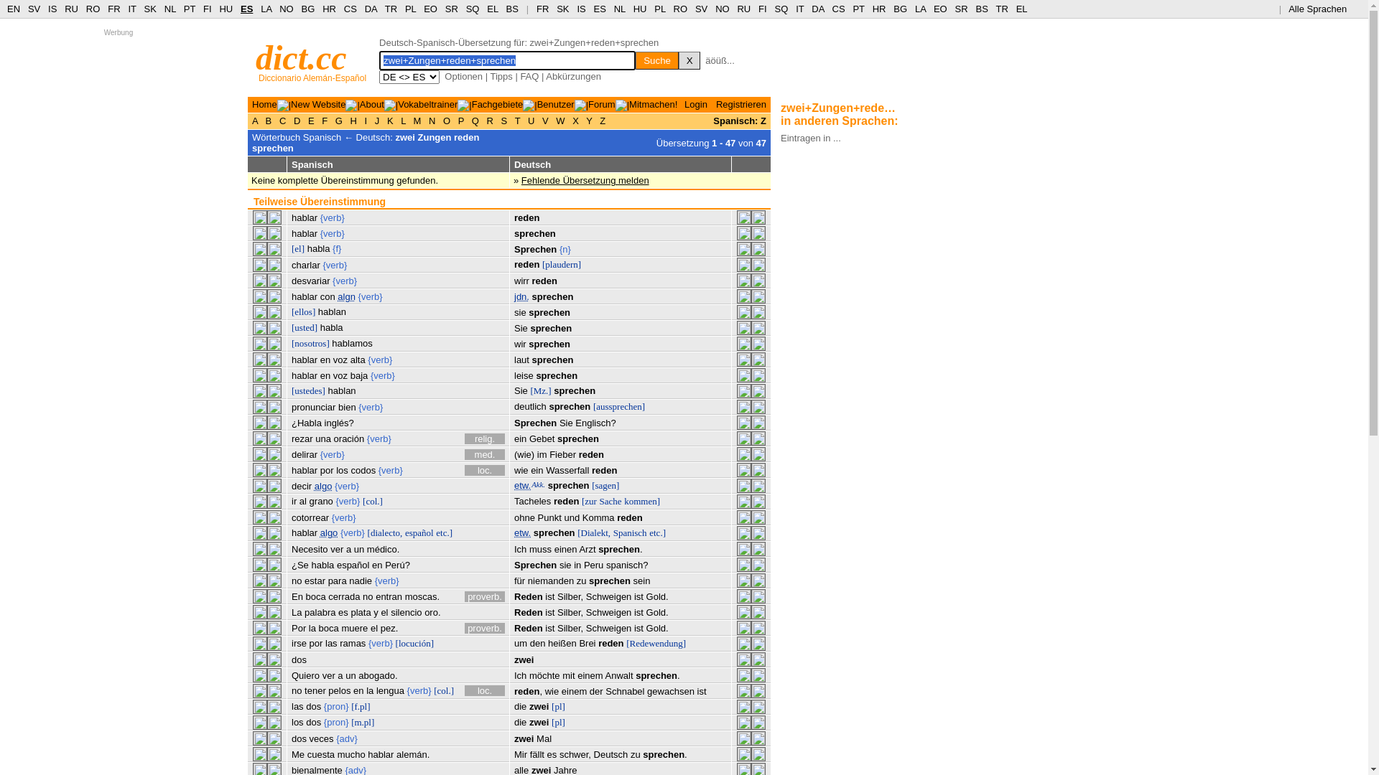 Image resolution: width=1379 pixels, height=775 pixels. Describe the element at coordinates (541, 438) in the screenshot. I see `'Gebet'` at that location.